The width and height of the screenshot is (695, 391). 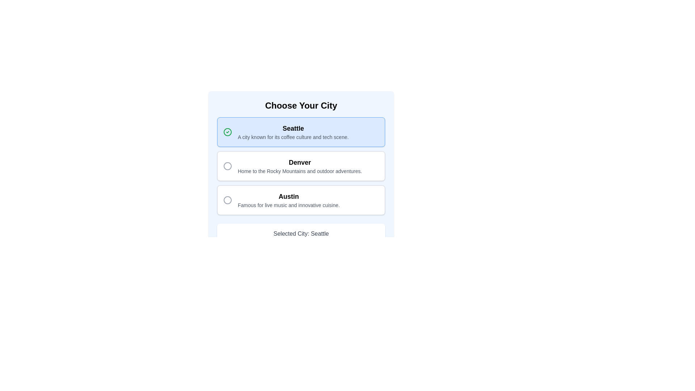 I want to click on the text label element titled 'Seattle', so click(x=293, y=128).